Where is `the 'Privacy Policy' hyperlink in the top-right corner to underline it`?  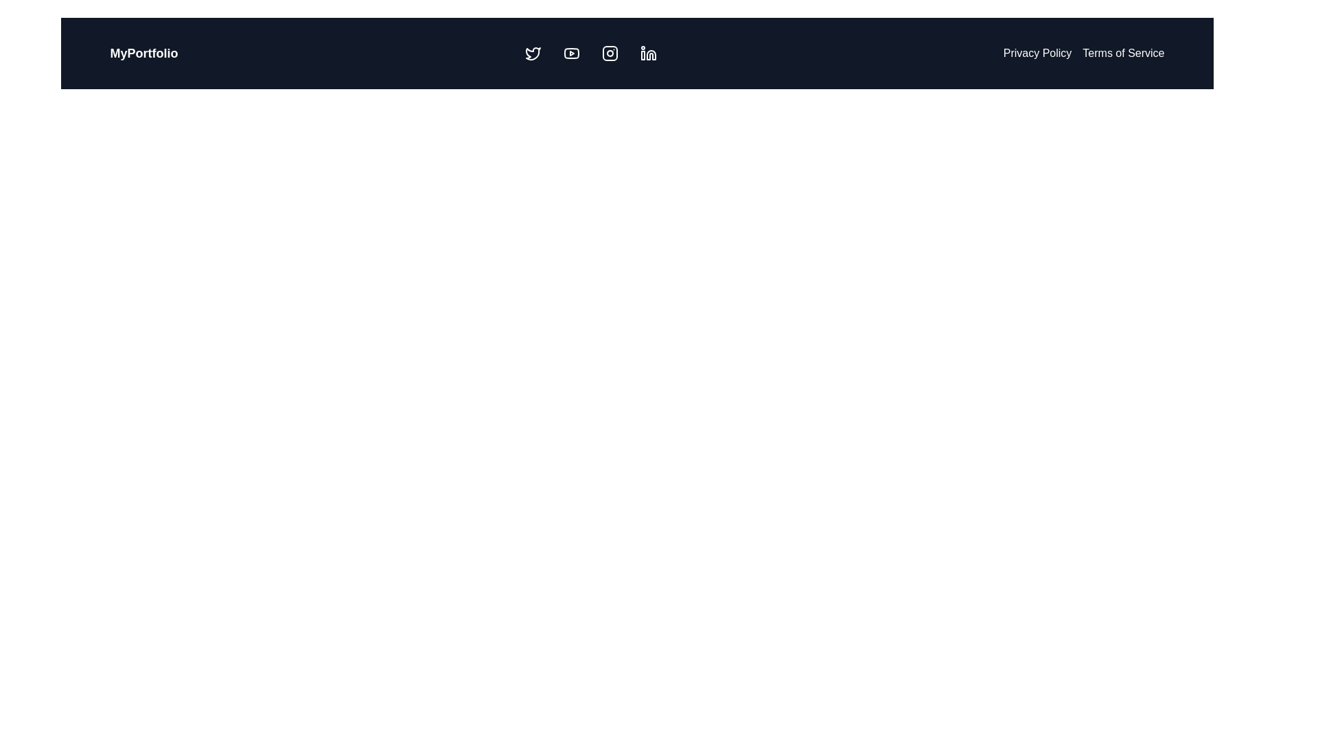 the 'Privacy Policy' hyperlink in the top-right corner to underline it is located at coordinates (1037, 52).